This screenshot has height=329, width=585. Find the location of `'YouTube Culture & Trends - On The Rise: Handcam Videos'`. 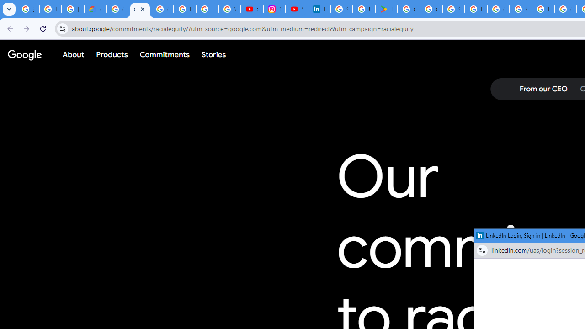

'YouTube Culture & Trends - On The Rise: Handcam Videos' is located at coordinates (297, 9).